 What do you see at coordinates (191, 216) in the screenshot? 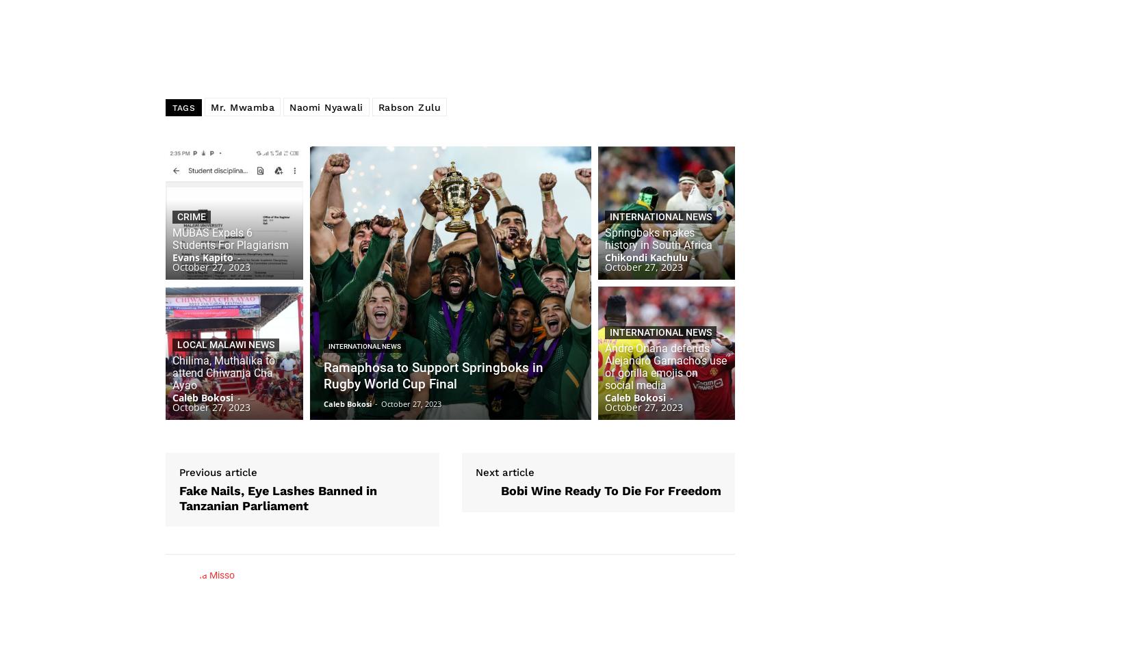
I see `'Crime'` at bounding box center [191, 216].